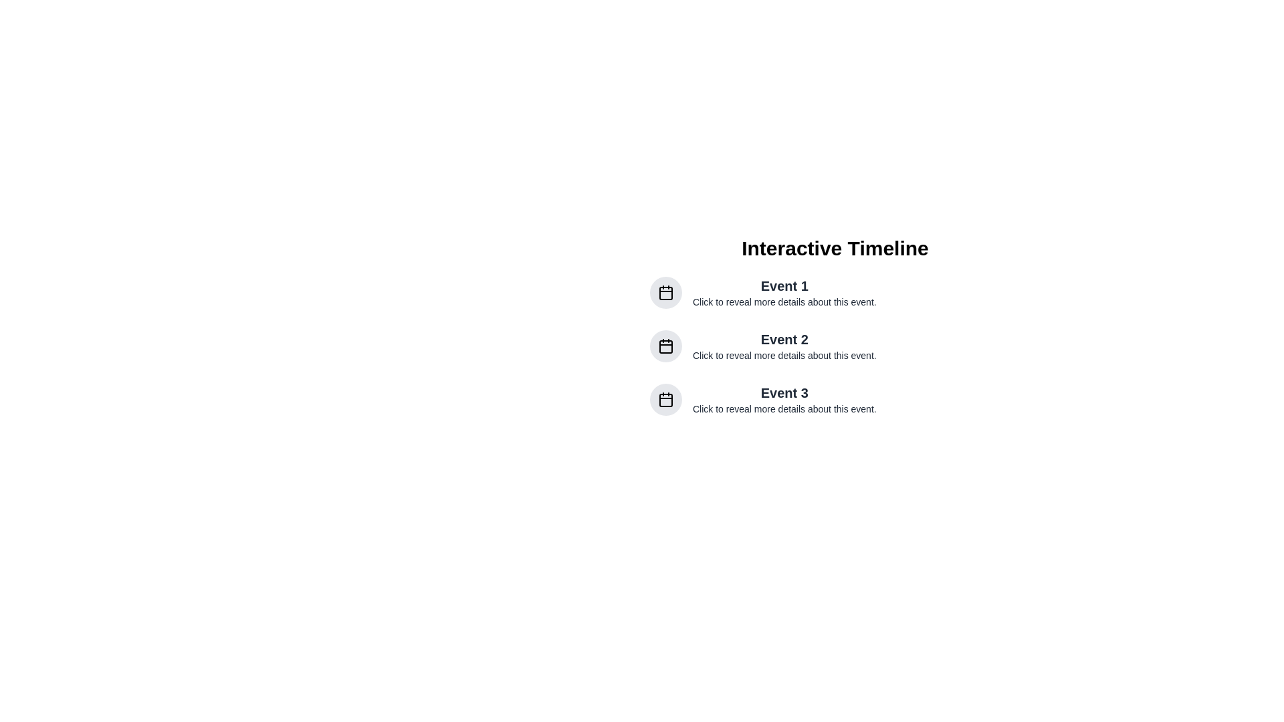 The image size is (1284, 722). I want to click on the instructional Text Label located directly beneath 'Event 1', which guides users to interact with the event item above it, so click(784, 302).